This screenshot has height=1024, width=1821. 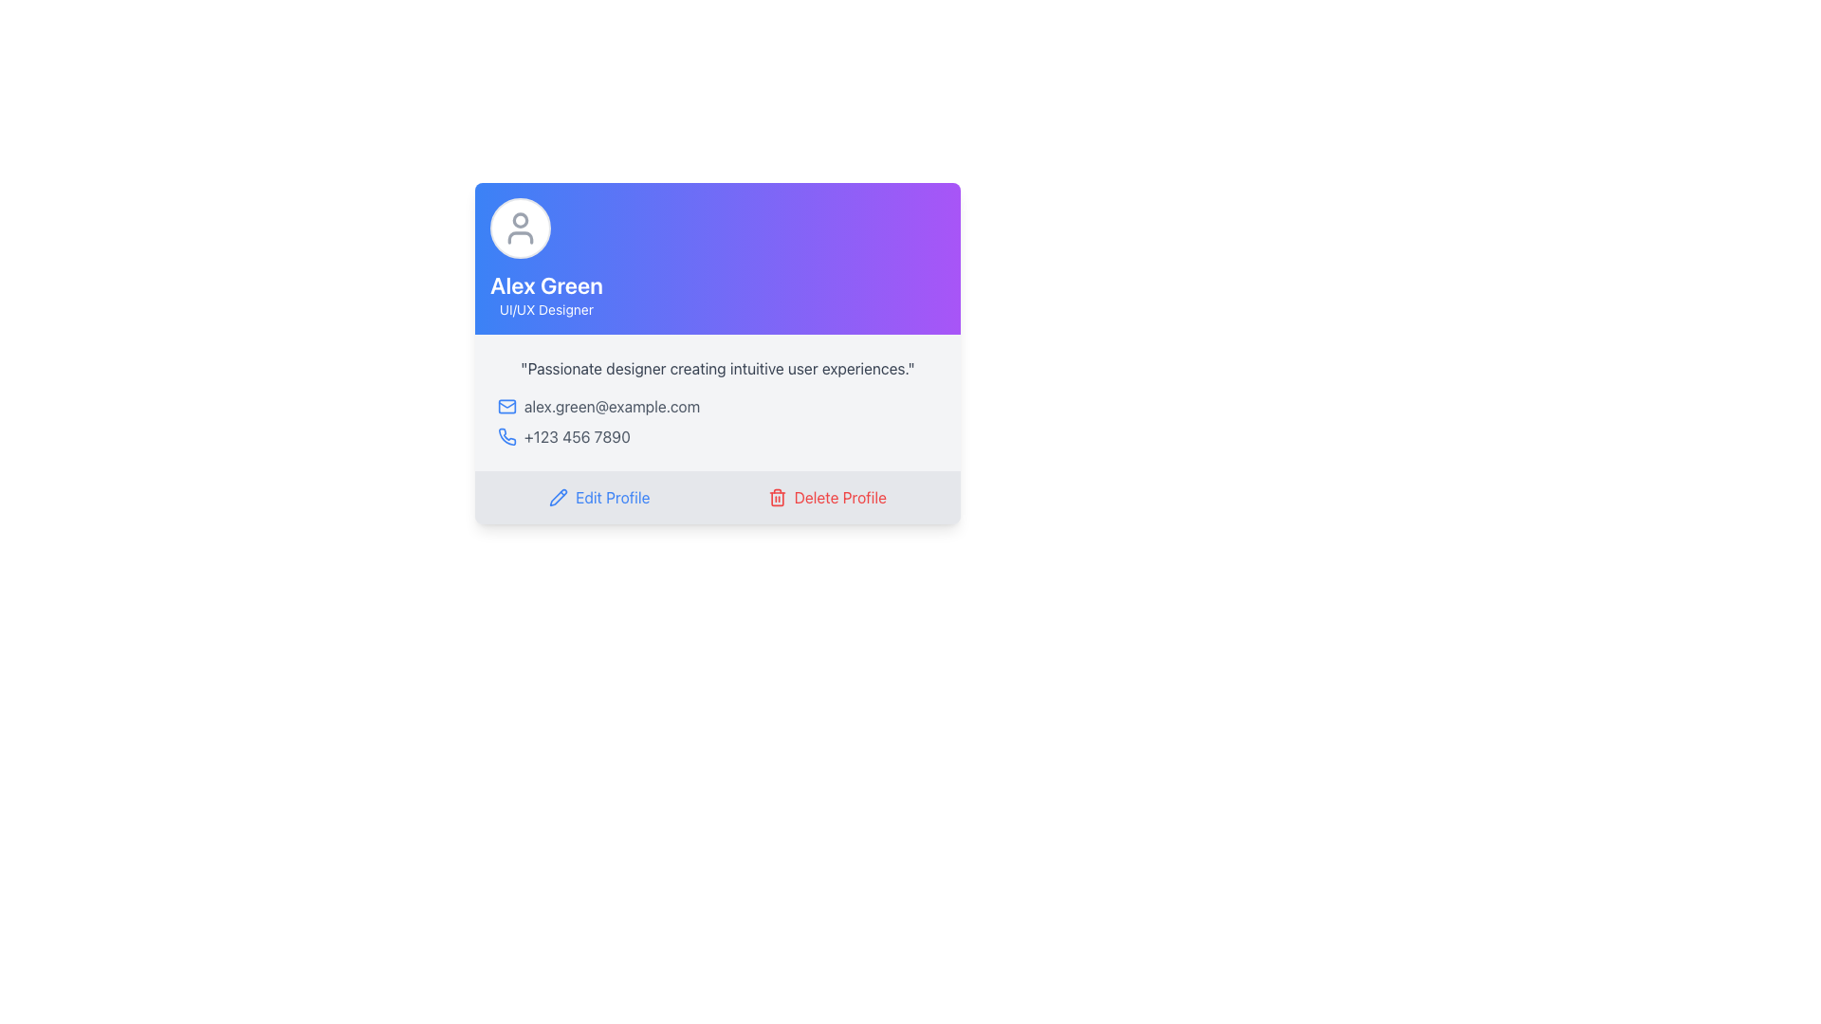 I want to click on the text display that reads 'Passionate designer creating intuitive user experiences.' located in the profile card beneath the user's name and role, so click(x=717, y=369).